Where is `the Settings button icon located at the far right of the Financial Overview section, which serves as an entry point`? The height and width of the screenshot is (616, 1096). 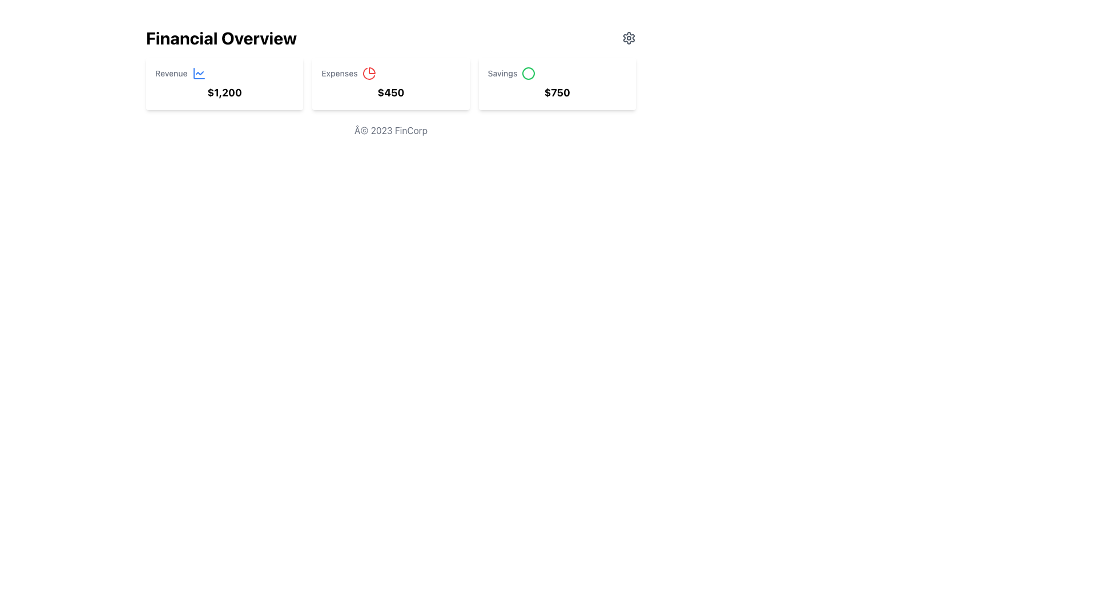
the Settings button icon located at the far right of the Financial Overview section, which serves as an entry point is located at coordinates (628, 37).